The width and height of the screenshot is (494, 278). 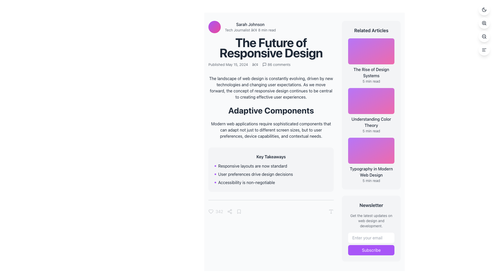 I want to click on static text element that provides metadata about the author, including their profession and estimated reading time, located beneath the 'Sarah Johnson' text element, so click(x=250, y=30).